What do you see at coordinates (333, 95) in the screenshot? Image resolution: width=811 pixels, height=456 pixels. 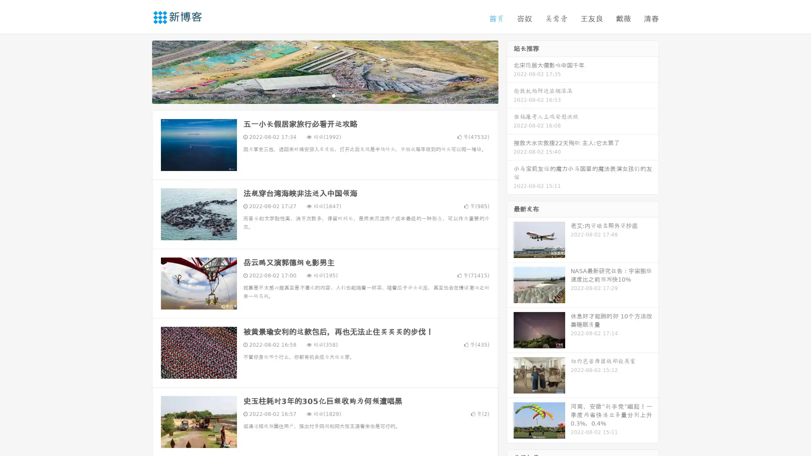 I see `Go to slide 3` at bounding box center [333, 95].